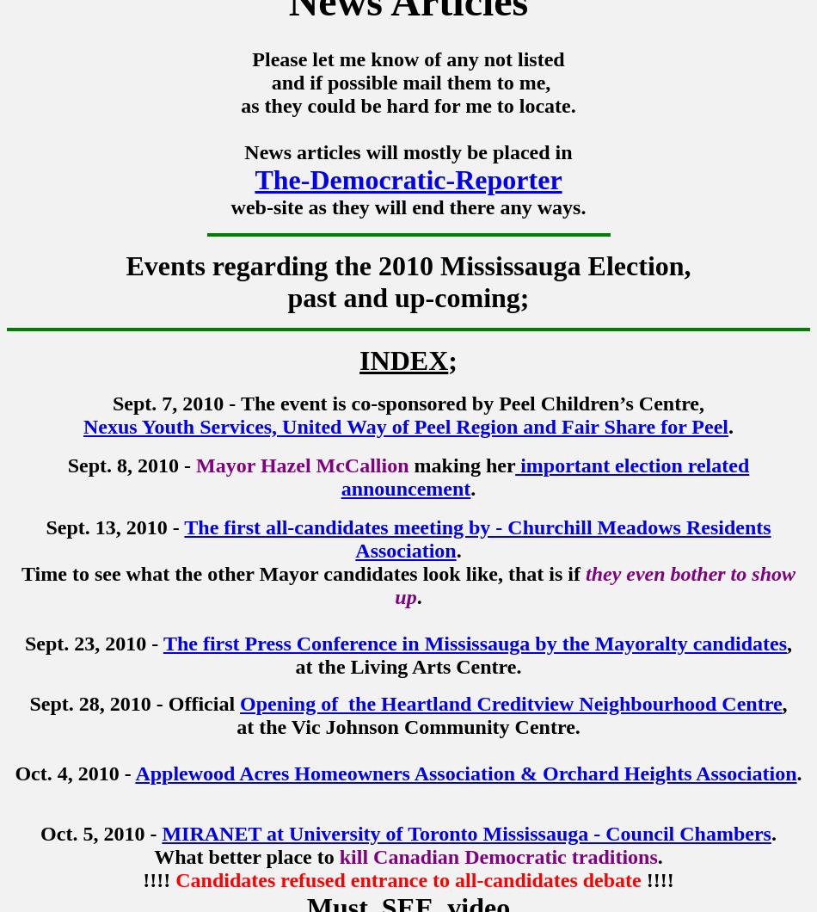 This screenshot has height=912, width=817. I want to click on 'MIRANET at University of Toronto Mississauga - Council Chambers', so click(162, 833).